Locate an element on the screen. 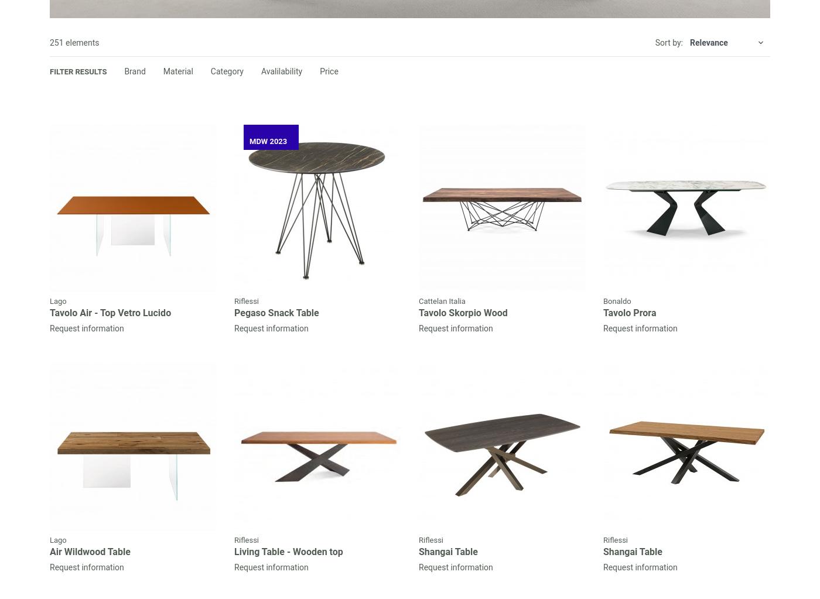 This screenshot has width=820, height=599. 'Filter results' is located at coordinates (78, 71).